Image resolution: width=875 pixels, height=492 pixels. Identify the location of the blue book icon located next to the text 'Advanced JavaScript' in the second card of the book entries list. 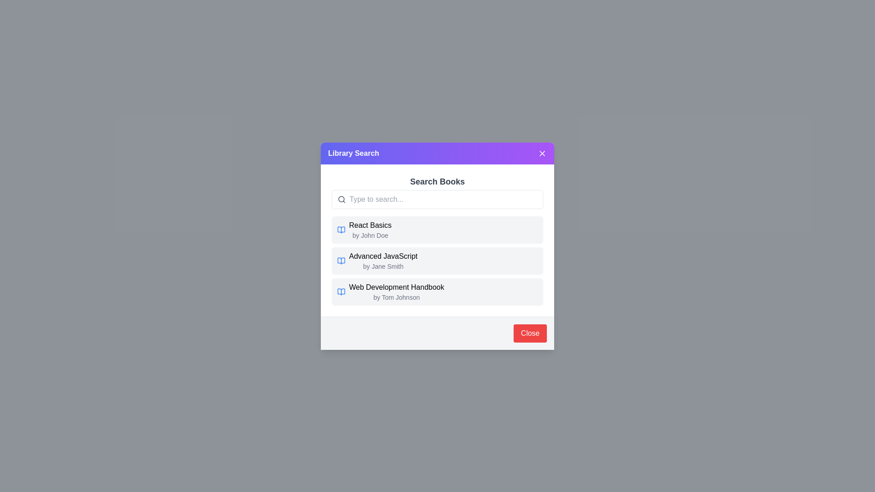
(340, 261).